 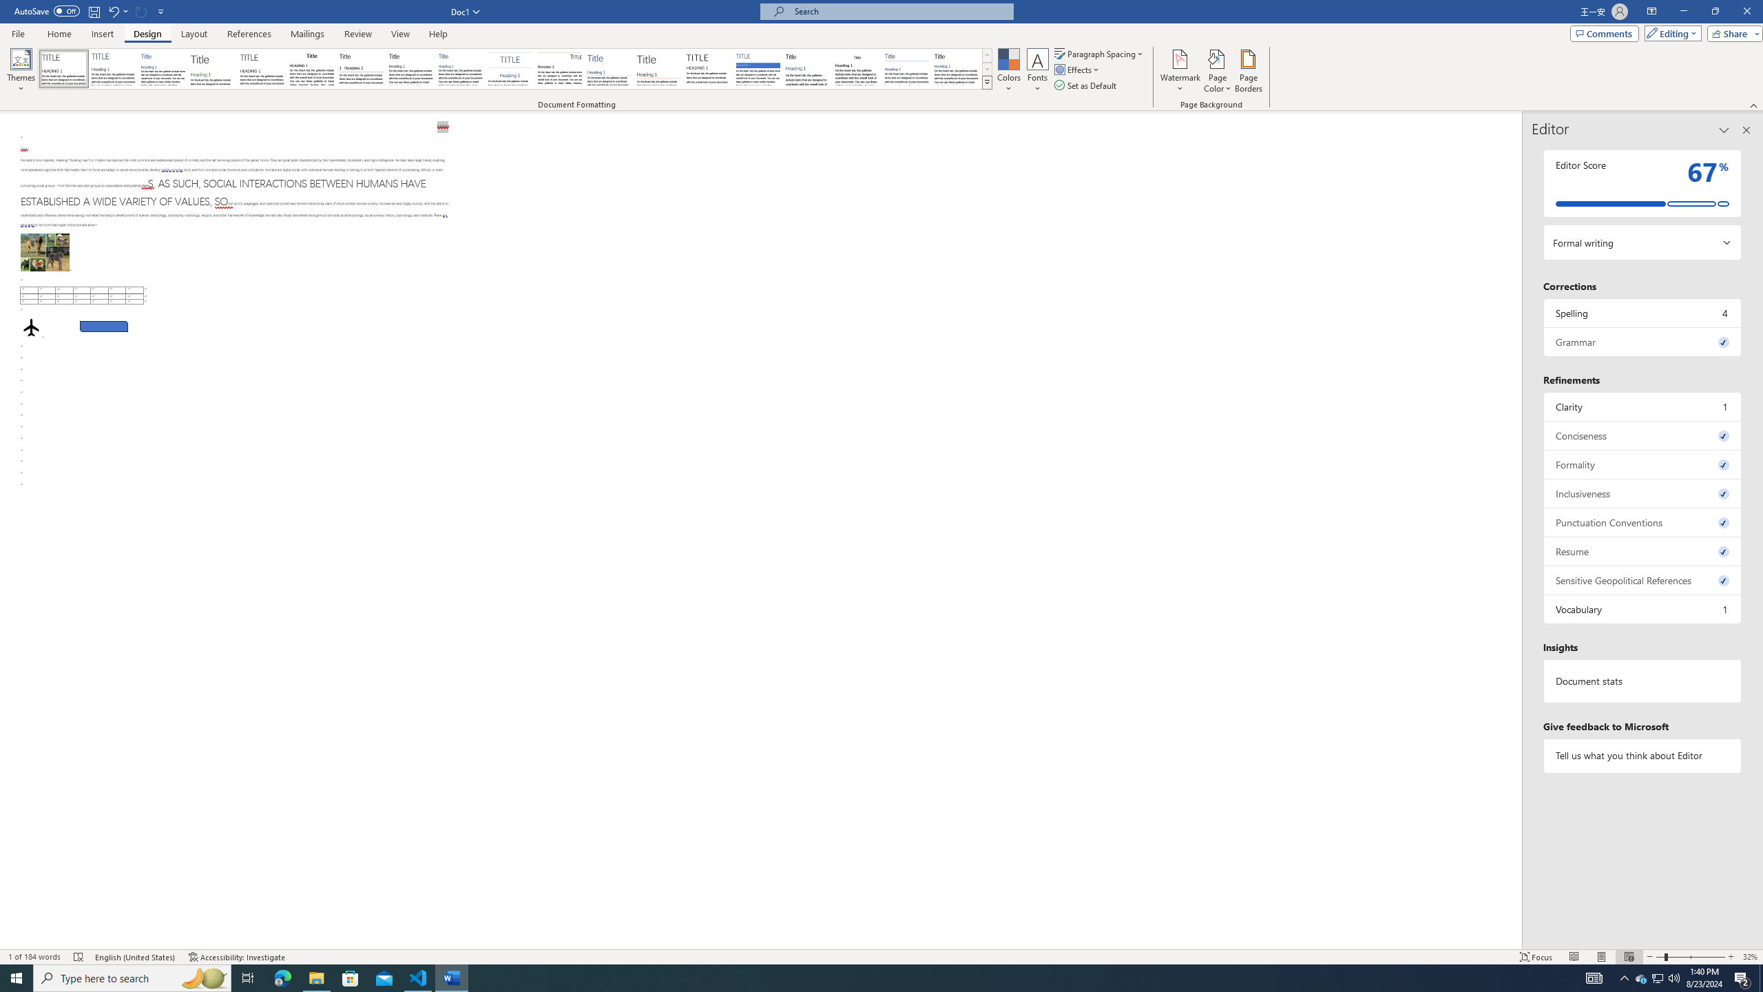 I want to click on 'Minimalist', so click(x=708, y=68).